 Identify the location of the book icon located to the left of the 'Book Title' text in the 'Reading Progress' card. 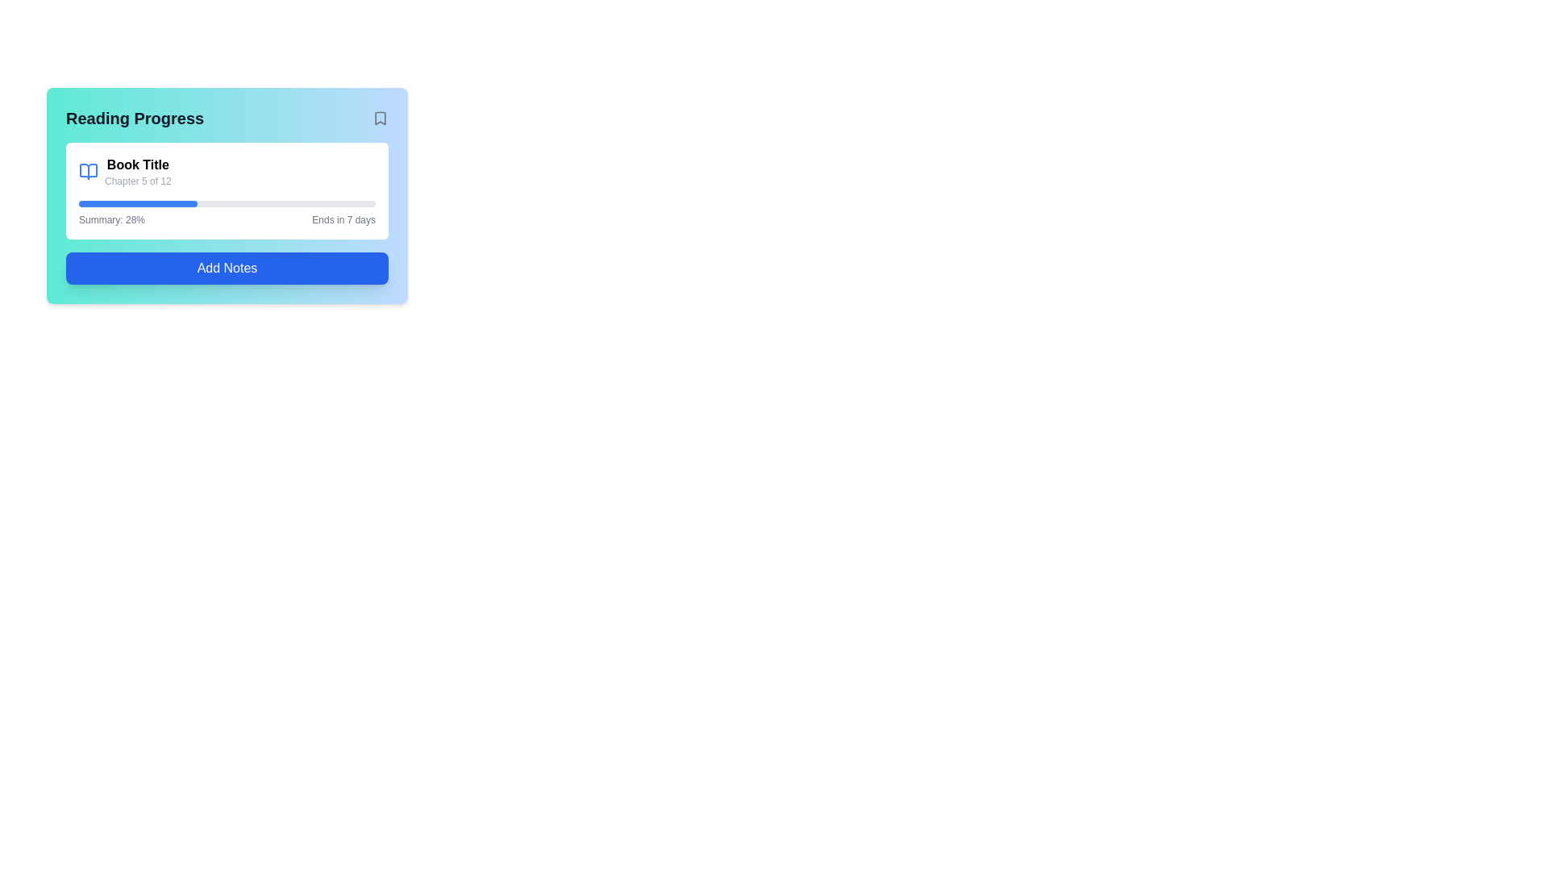
(88, 171).